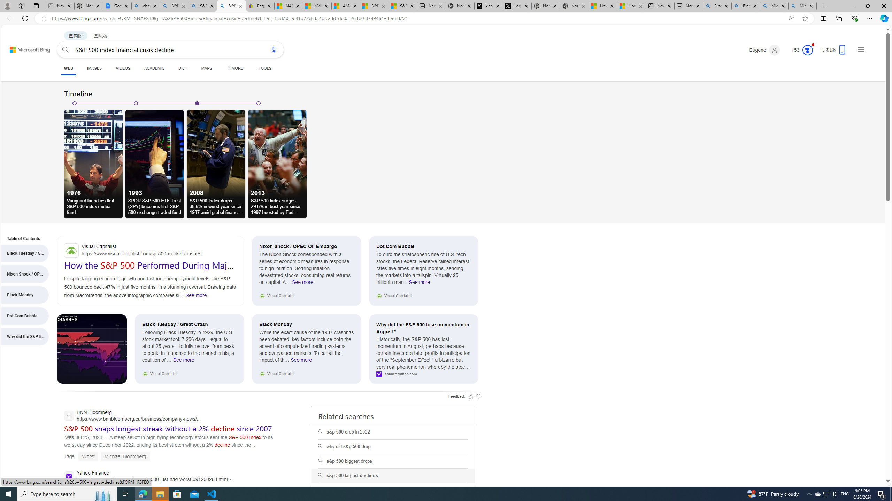 Image resolution: width=892 pixels, height=501 pixels. I want to click on 's&p 500 largest declines', so click(393, 476).